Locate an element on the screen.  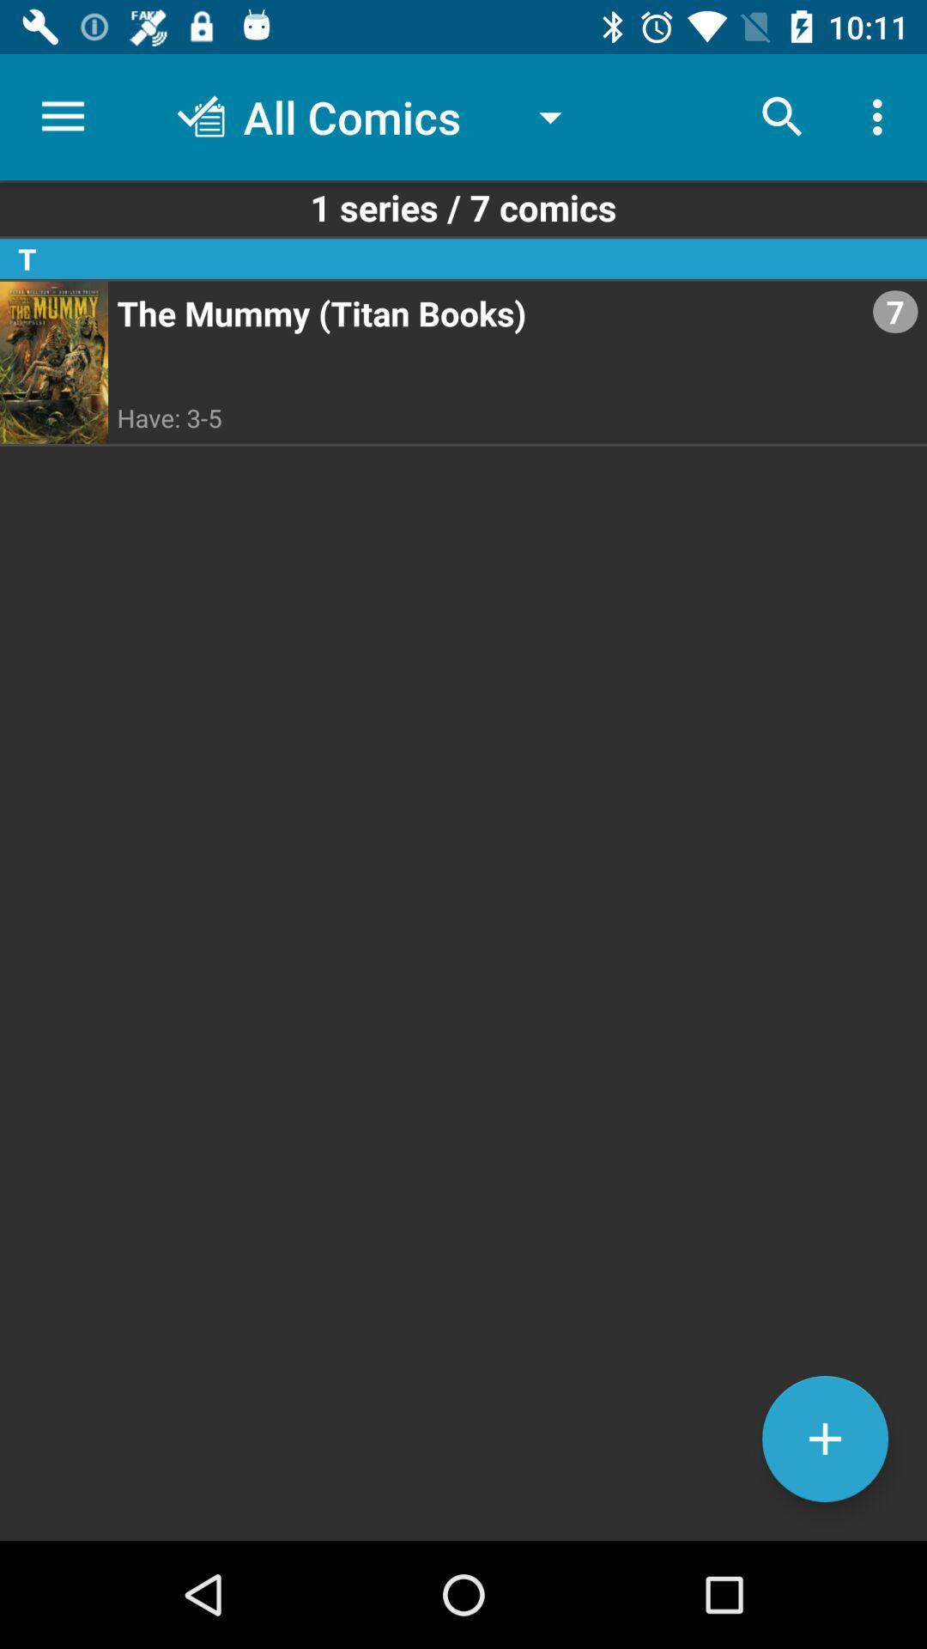
icon below the the mummy titan icon is located at coordinates (824, 1439).